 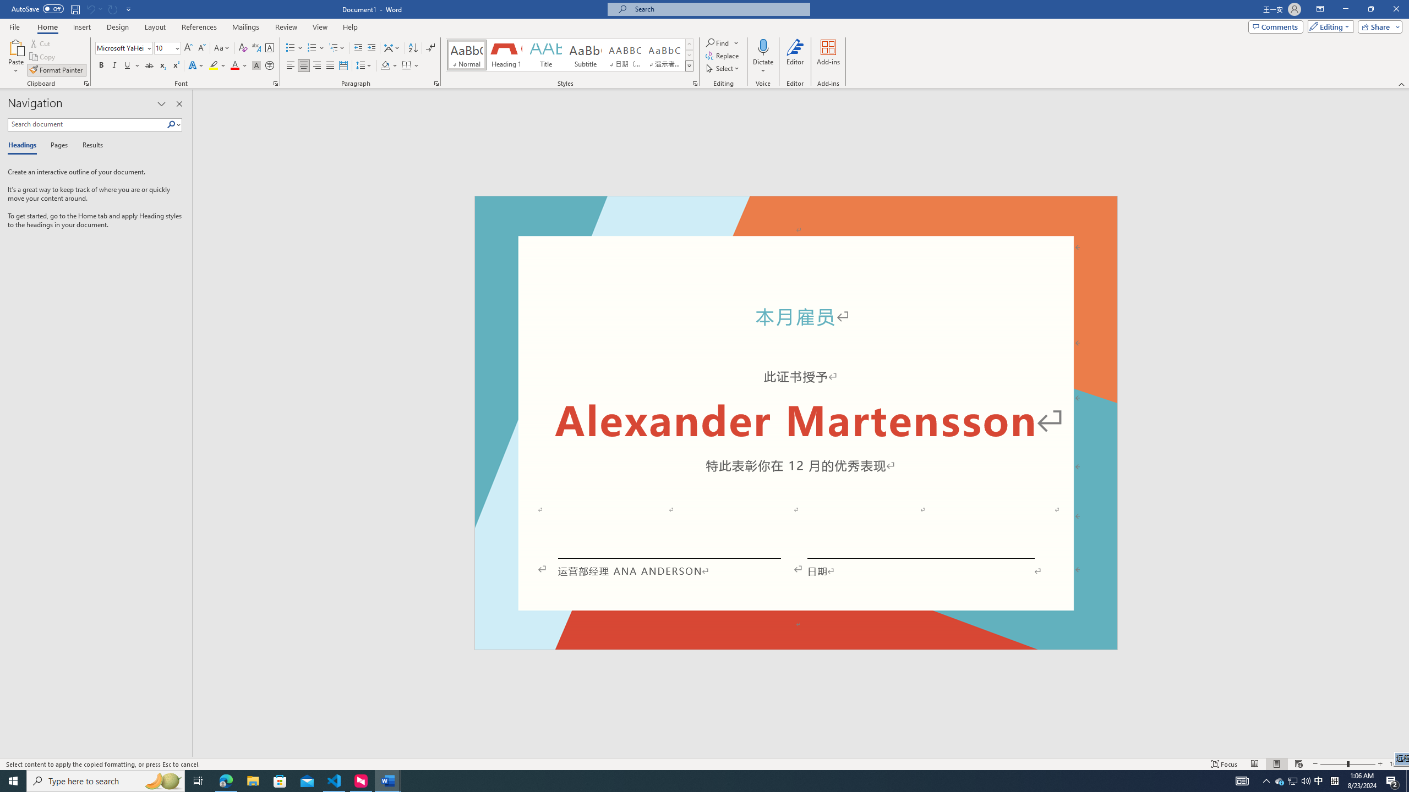 I want to click on 'Align Right', so click(x=316, y=65).